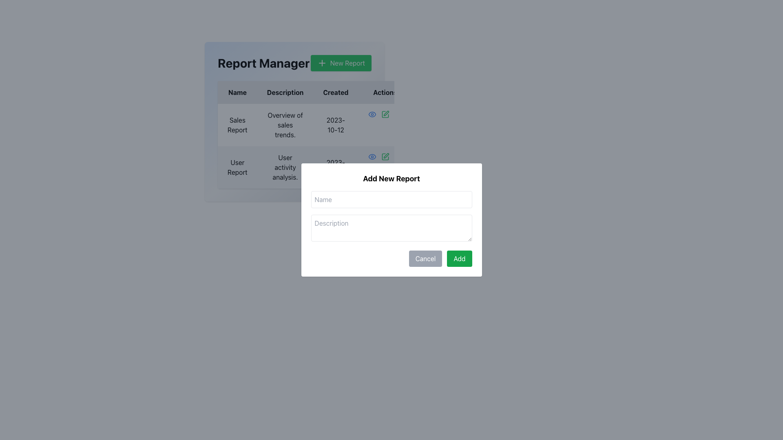 The height and width of the screenshot is (440, 783). Describe the element at coordinates (341, 62) in the screenshot. I see `the 'Create New Report' button located in the header section of the 'Report Manager' interface` at that location.